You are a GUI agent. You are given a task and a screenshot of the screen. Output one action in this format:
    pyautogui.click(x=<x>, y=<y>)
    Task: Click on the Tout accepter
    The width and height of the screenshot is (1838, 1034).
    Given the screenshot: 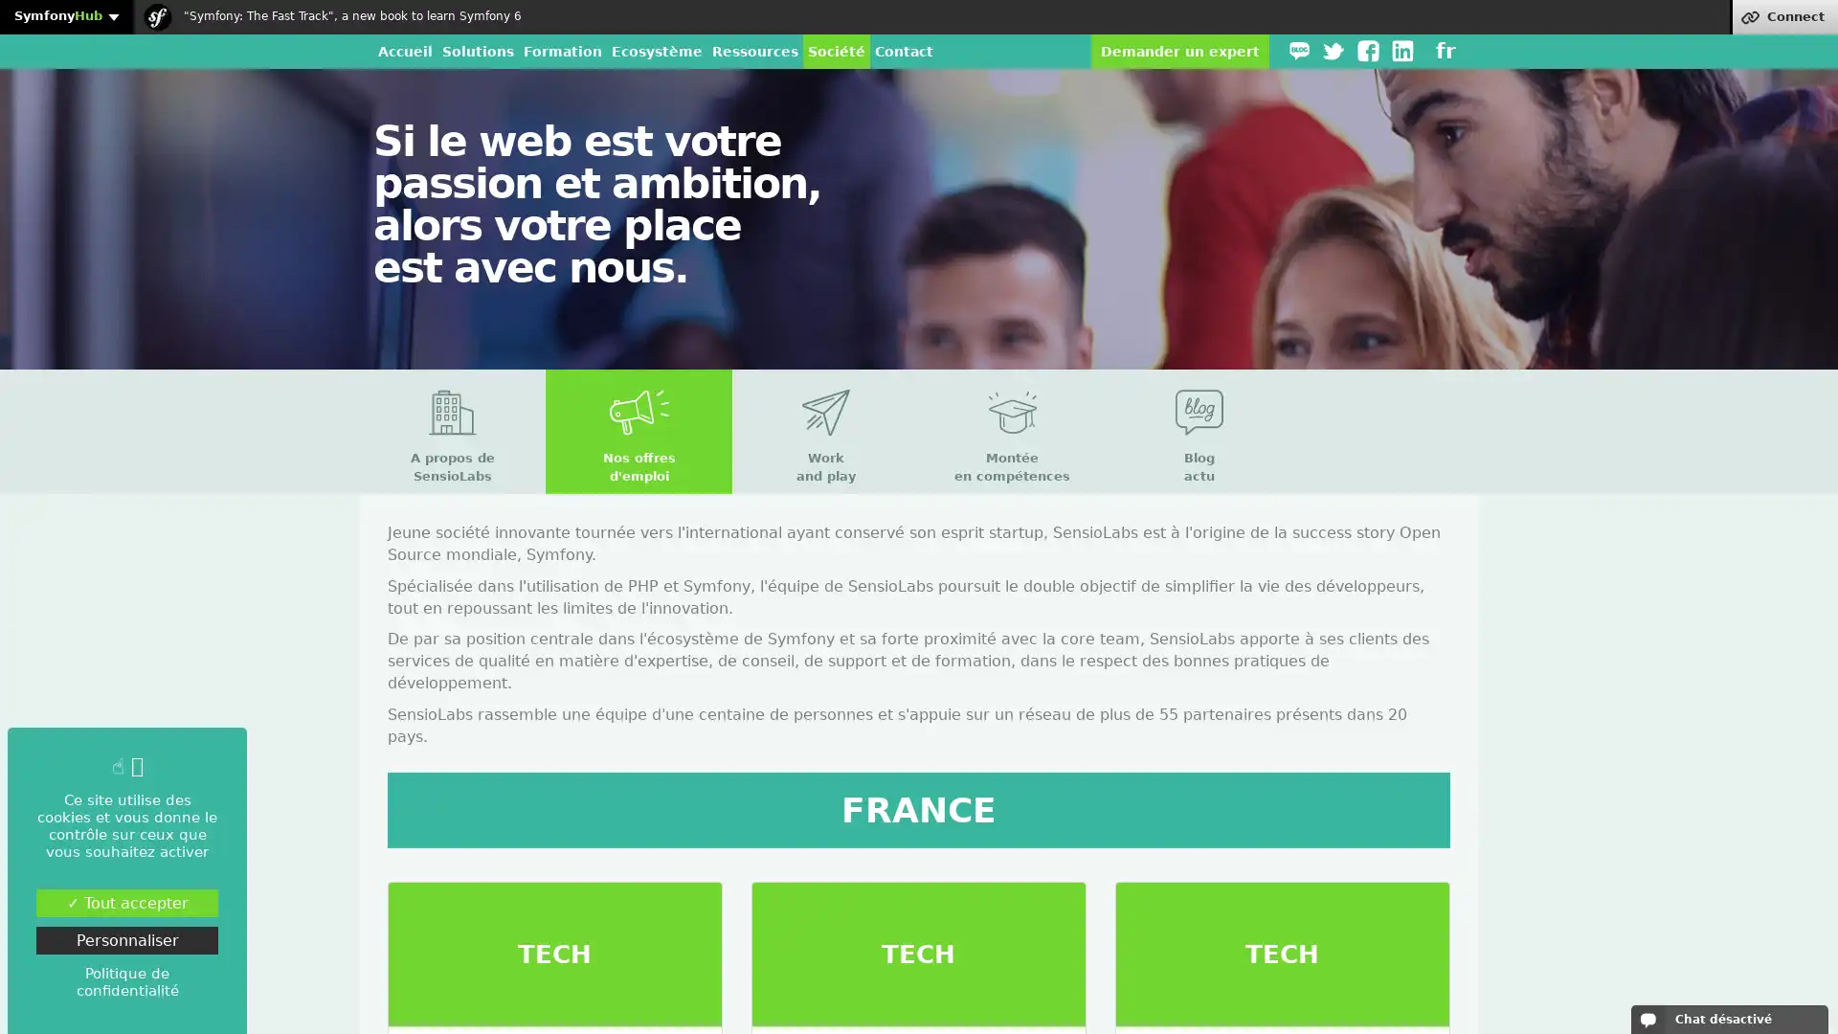 What is the action you would take?
    pyautogui.click(x=126, y=902)
    